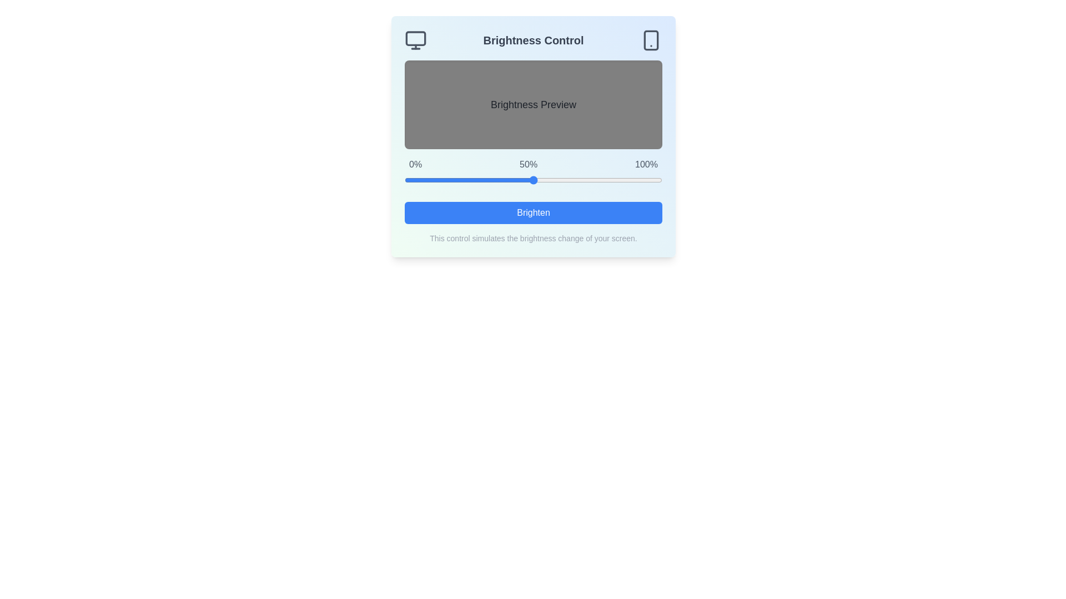  I want to click on the brightness slider to 60%, so click(559, 179).